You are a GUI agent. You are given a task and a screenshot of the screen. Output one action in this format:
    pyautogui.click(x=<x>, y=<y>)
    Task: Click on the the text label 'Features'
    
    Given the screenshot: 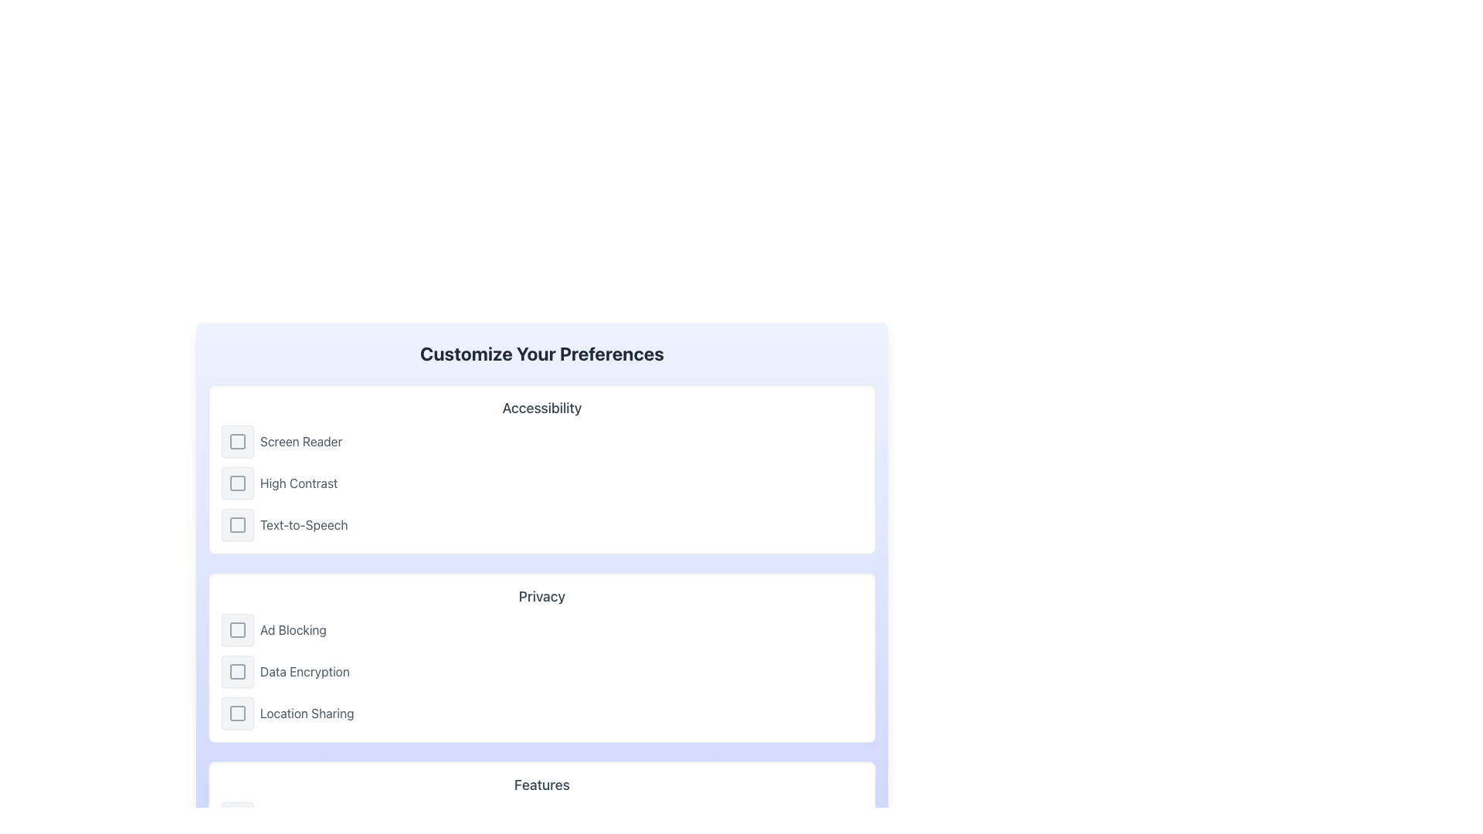 What is the action you would take?
    pyautogui.click(x=541, y=785)
    